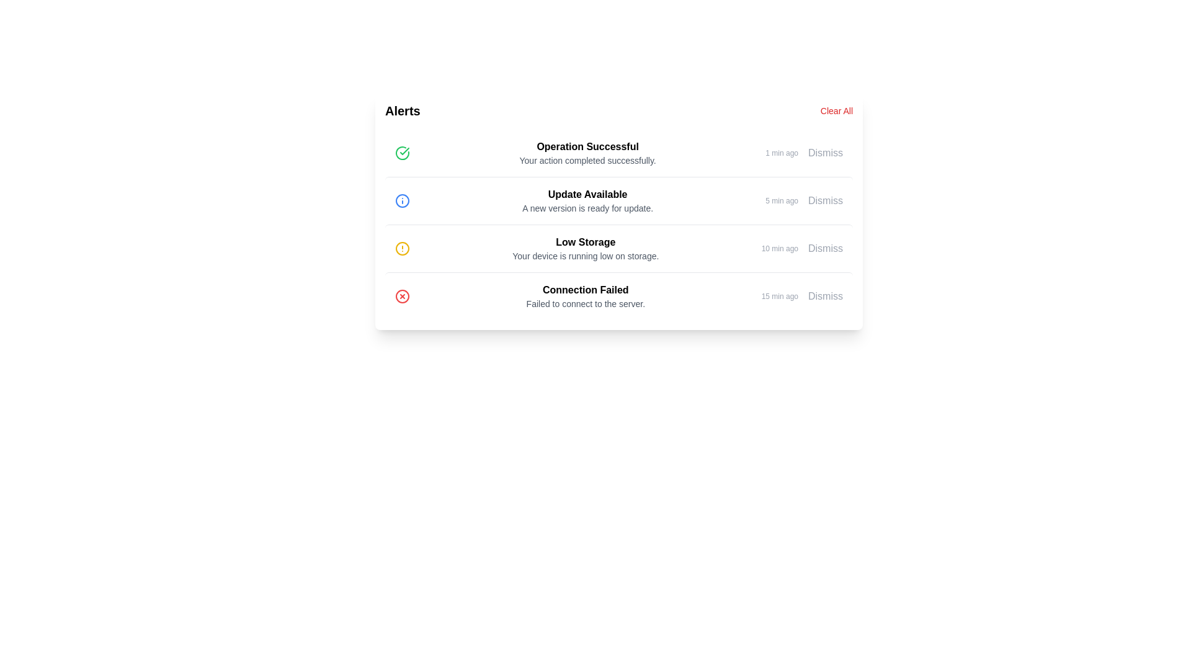  I want to click on the static text displaying '10 min ago' in light gray color, which is located in the 'Low Storage' notification between the descriptive text and the dismiss button, so click(779, 249).